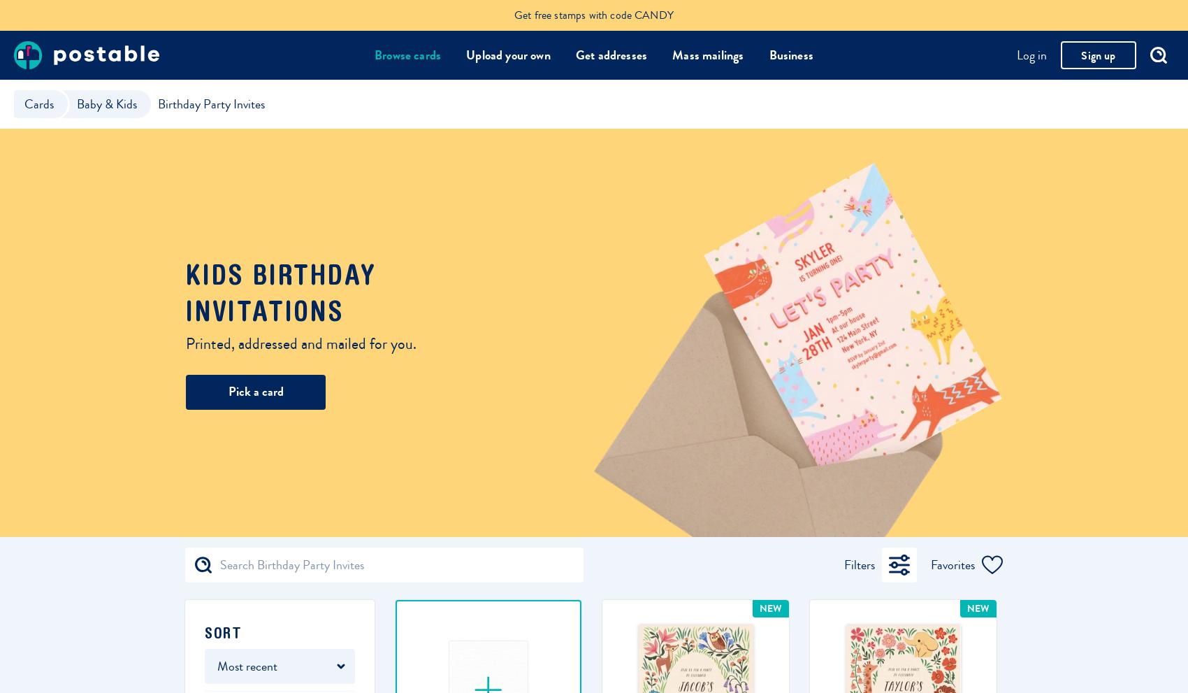 Image resolution: width=1188 pixels, height=693 pixels. I want to click on 'Printed, addressed and mailed for you.', so click(186, 343).